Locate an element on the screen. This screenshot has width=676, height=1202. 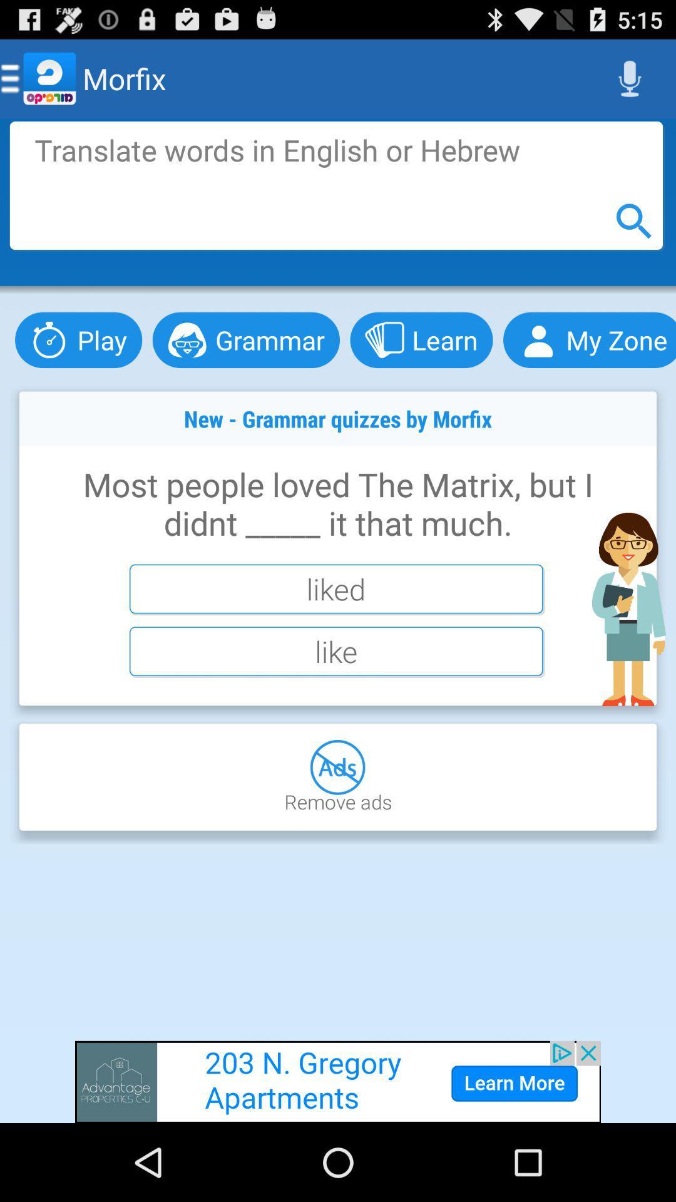
text is located at coordinates (335, 185).